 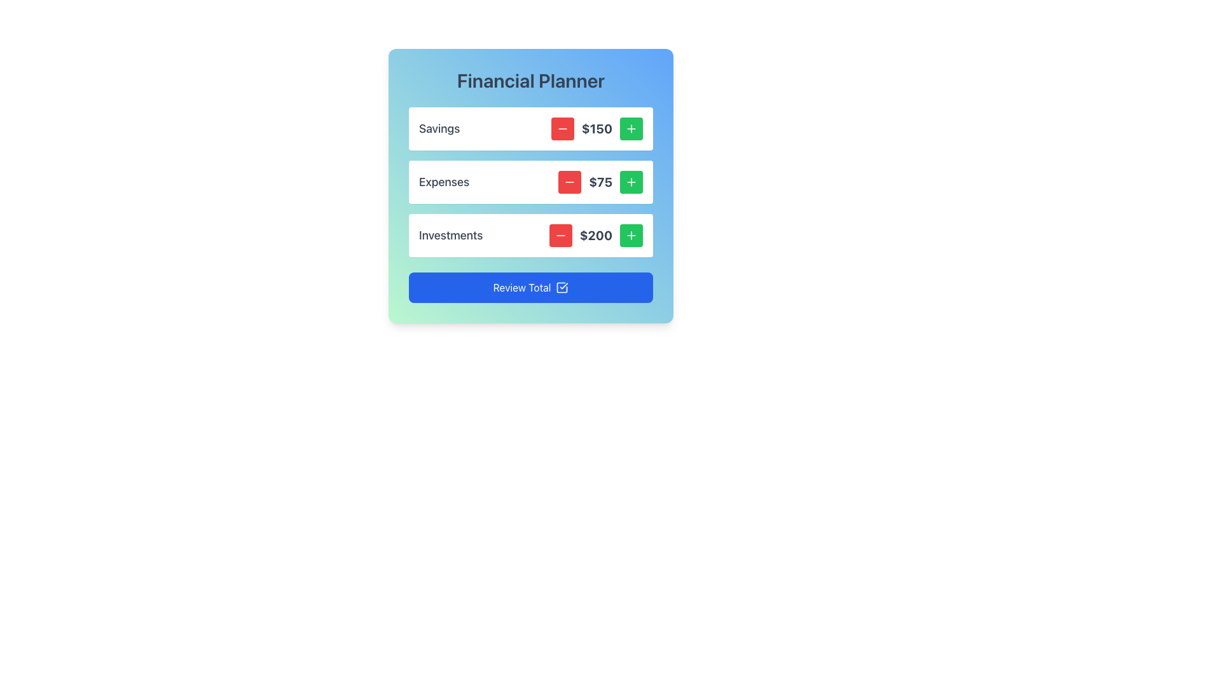 I want to click on the text display showing '$200' located in the 'Investments' section, positioned between the decrement and increment buttons, so click(x=595, y=235).